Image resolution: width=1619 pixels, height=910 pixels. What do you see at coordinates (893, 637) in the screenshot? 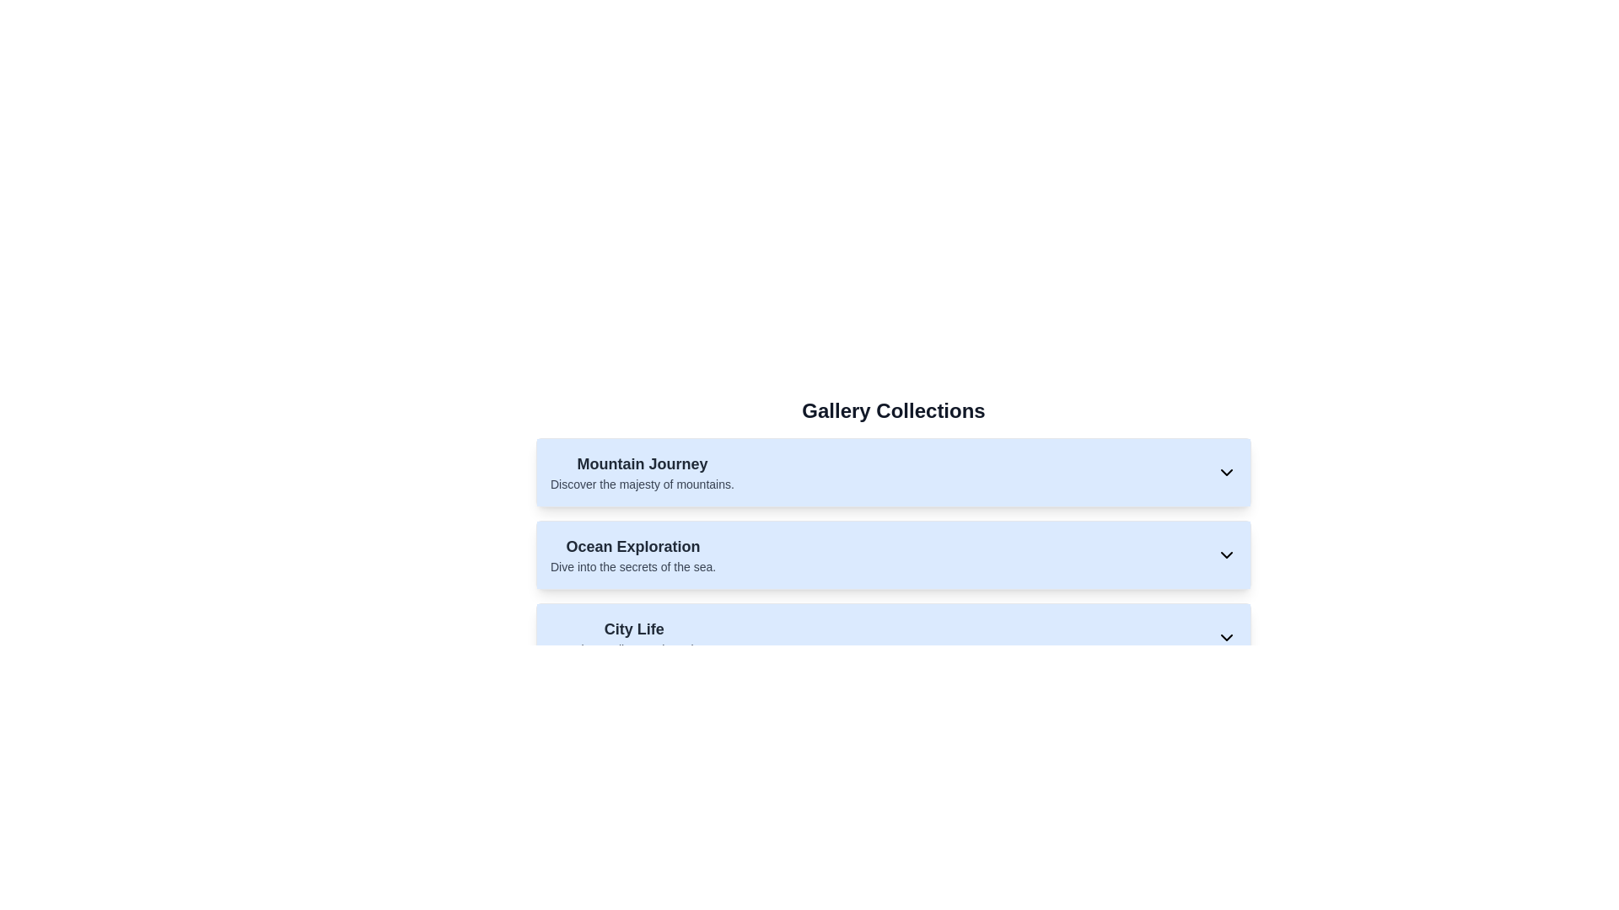
I see `the interactive list item representing 'City Life' in the 'Gallery Collections'` at bounding box center [893, 637].